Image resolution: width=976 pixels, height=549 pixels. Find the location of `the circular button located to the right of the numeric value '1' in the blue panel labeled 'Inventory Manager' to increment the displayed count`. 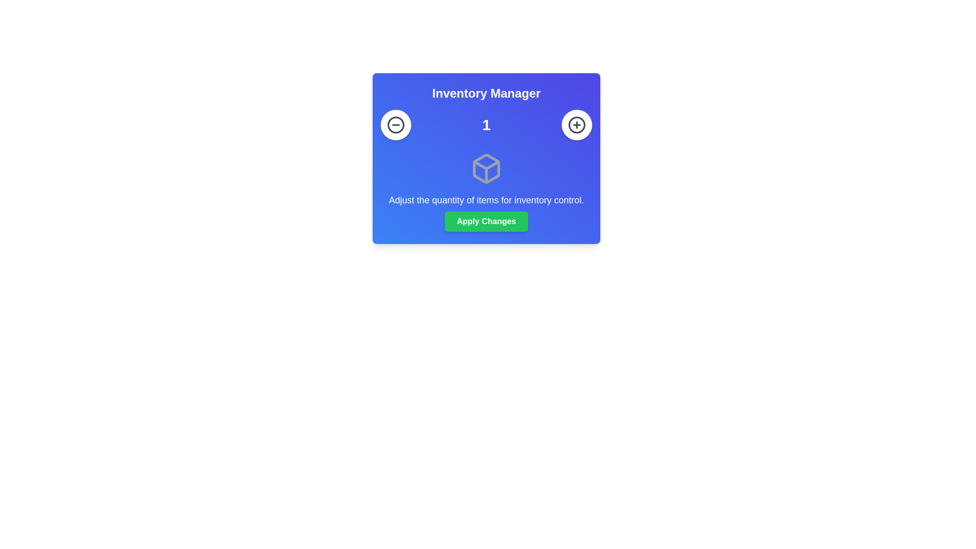

the circular button located to the right of the numeric value '1' in the blue panel labeled 'Inventory Manager' to increment the displayed count is located at coordinates (576, 125).